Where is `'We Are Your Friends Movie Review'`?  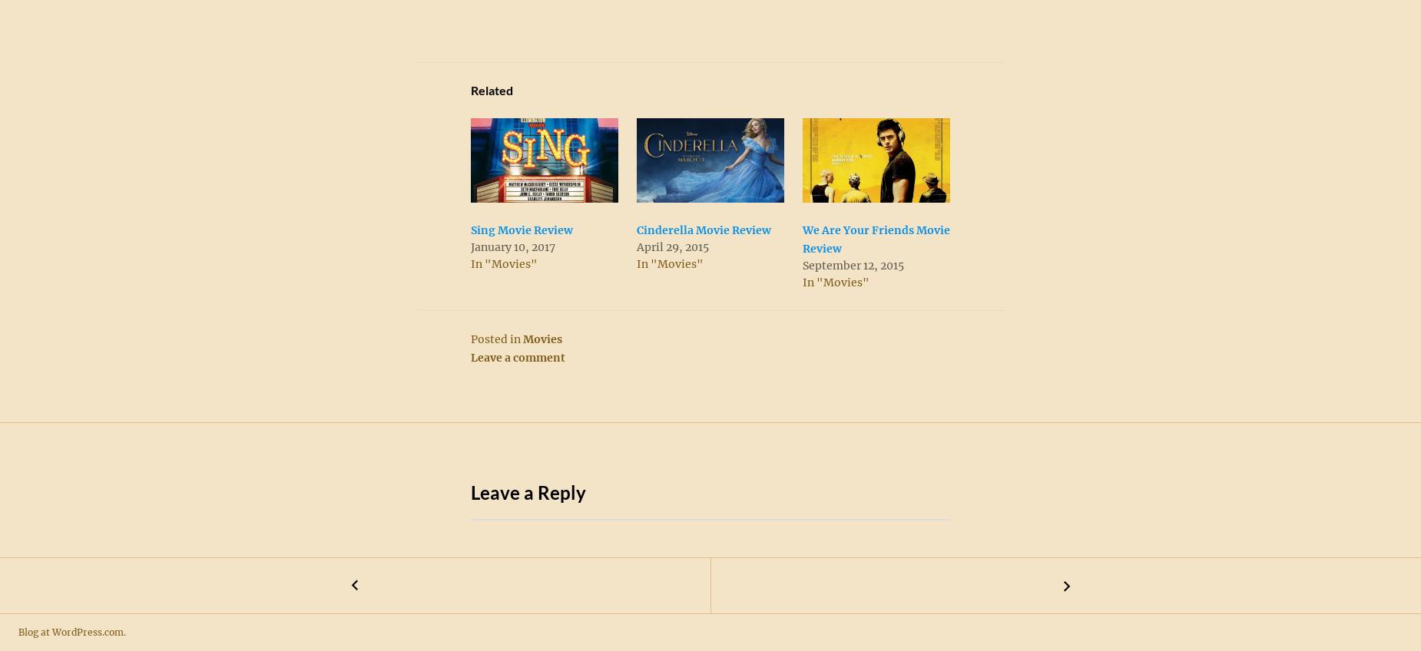
'We Are Your Friends Movie Review' is located at coordinates (876, 239).